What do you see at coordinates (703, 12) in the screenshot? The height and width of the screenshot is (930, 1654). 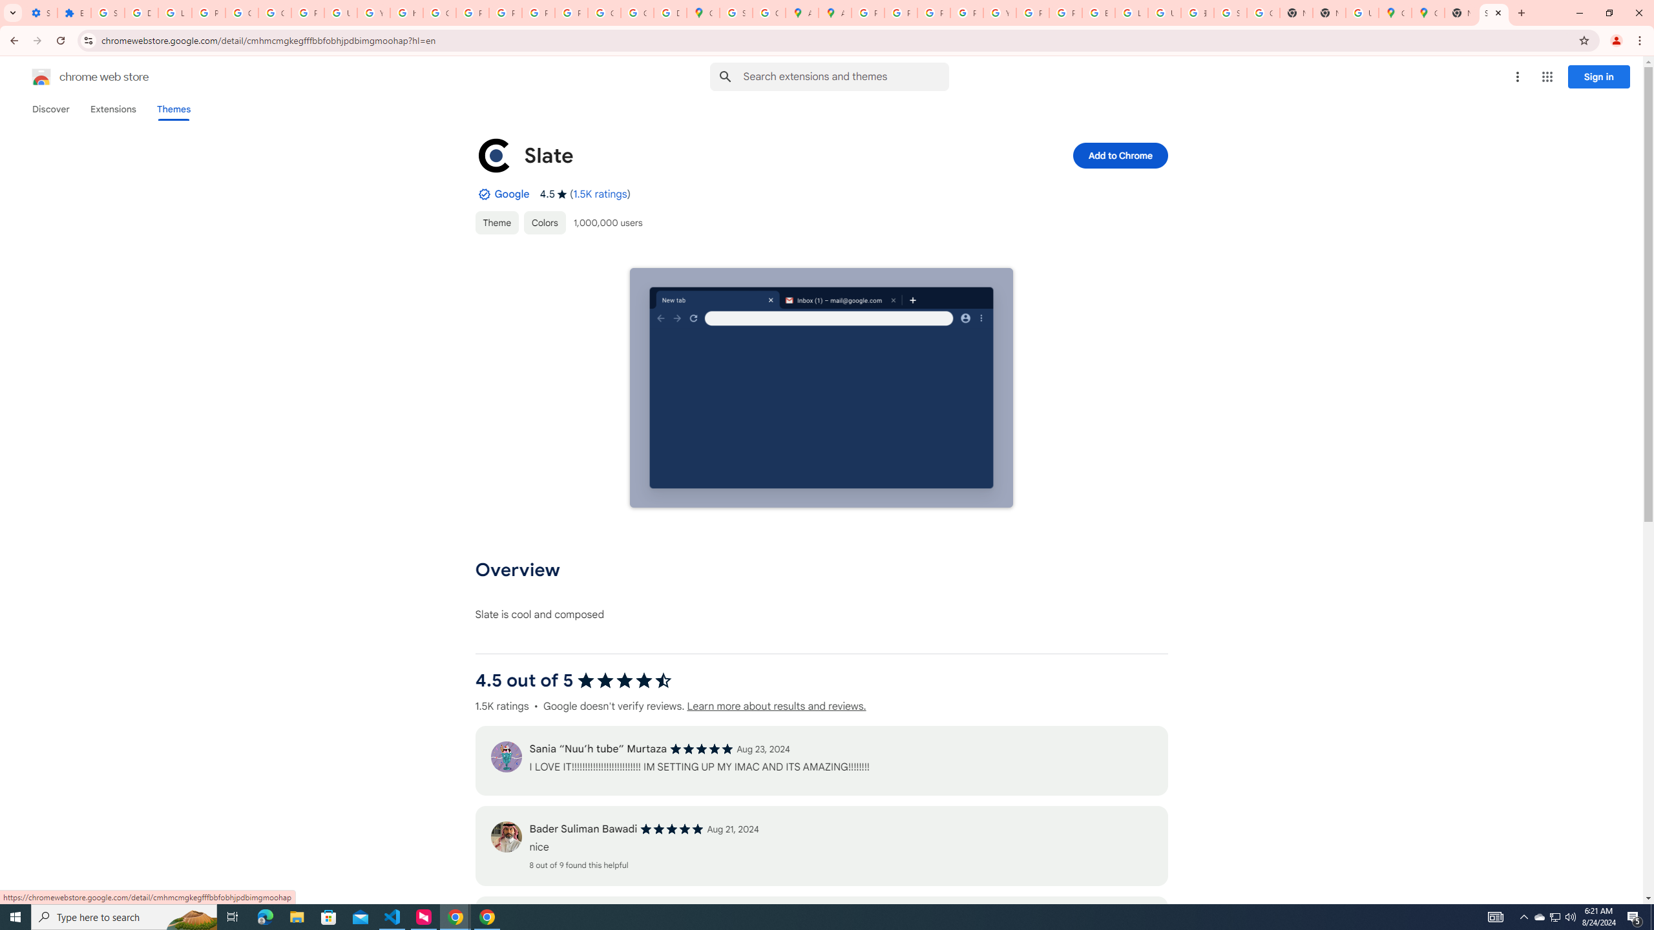 I see `'Google Maps'` at bounding box center [703, 12].